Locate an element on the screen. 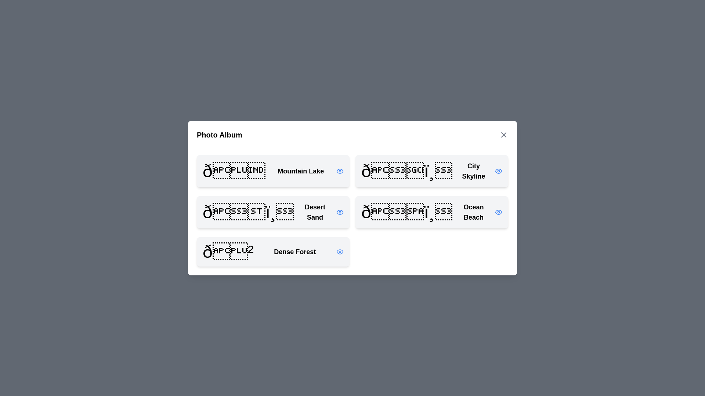 Image resolution: width=705 pixels, height=396 pixels. 'eye' icon next to the photo titled 'Desert Sand' to view it in detail is located at coordinates (340, 212).